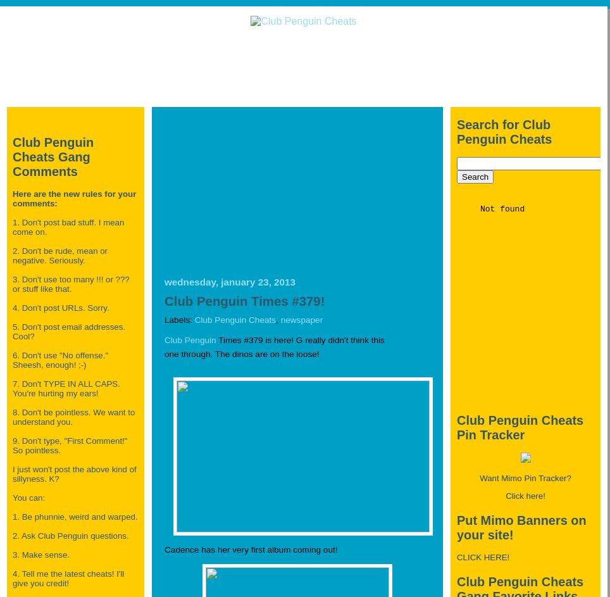 The width and height of the screenshot is (610, 597). What do you see at coordinates (230, 282) in the screenshot?
I see `'Wednesday, January 23, 2013'` at bounding box center [230, 282].